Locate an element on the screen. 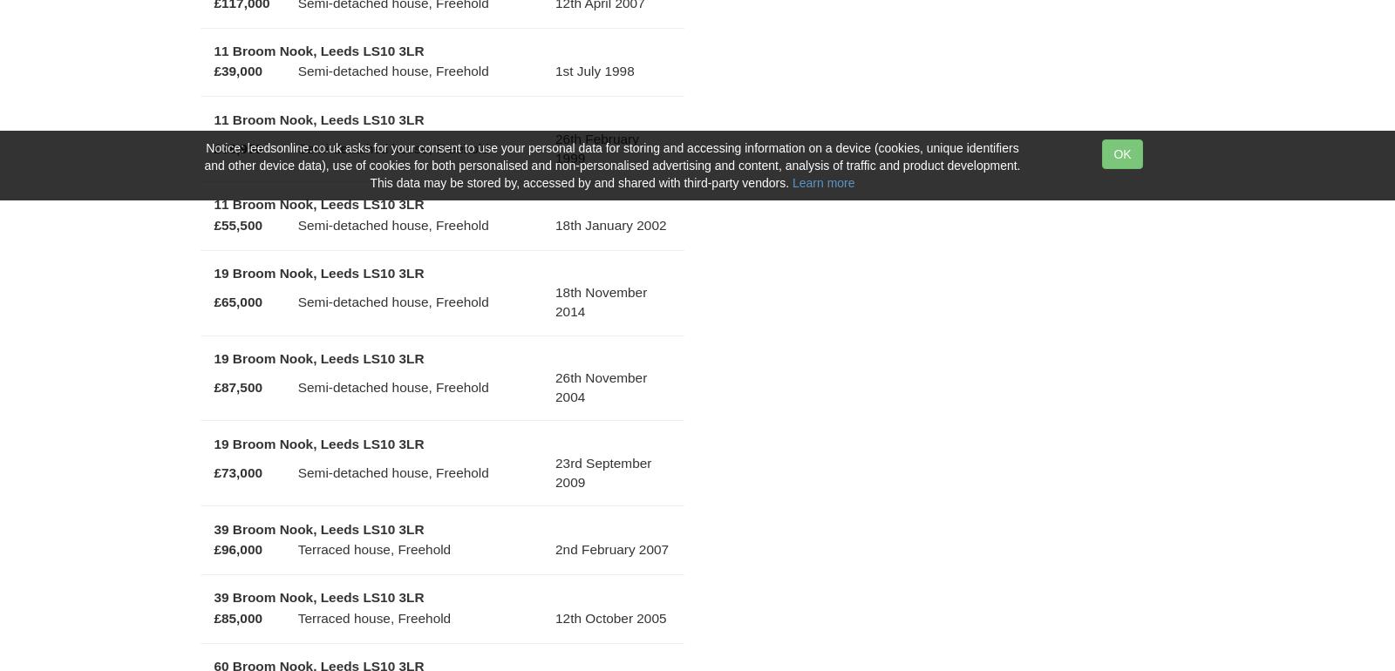  'Notice: leedsonline.co.uk asks for your consent to use your personal data for storing and accessing information on a device (cookies, unique identifiers and other device data), use of cookies for both personalised and non-personalised advertising and content, analysis of traffic and product development. This data may be stored by, accessed by and shared with third-party vendors.' is located at coordinates (611, 166).